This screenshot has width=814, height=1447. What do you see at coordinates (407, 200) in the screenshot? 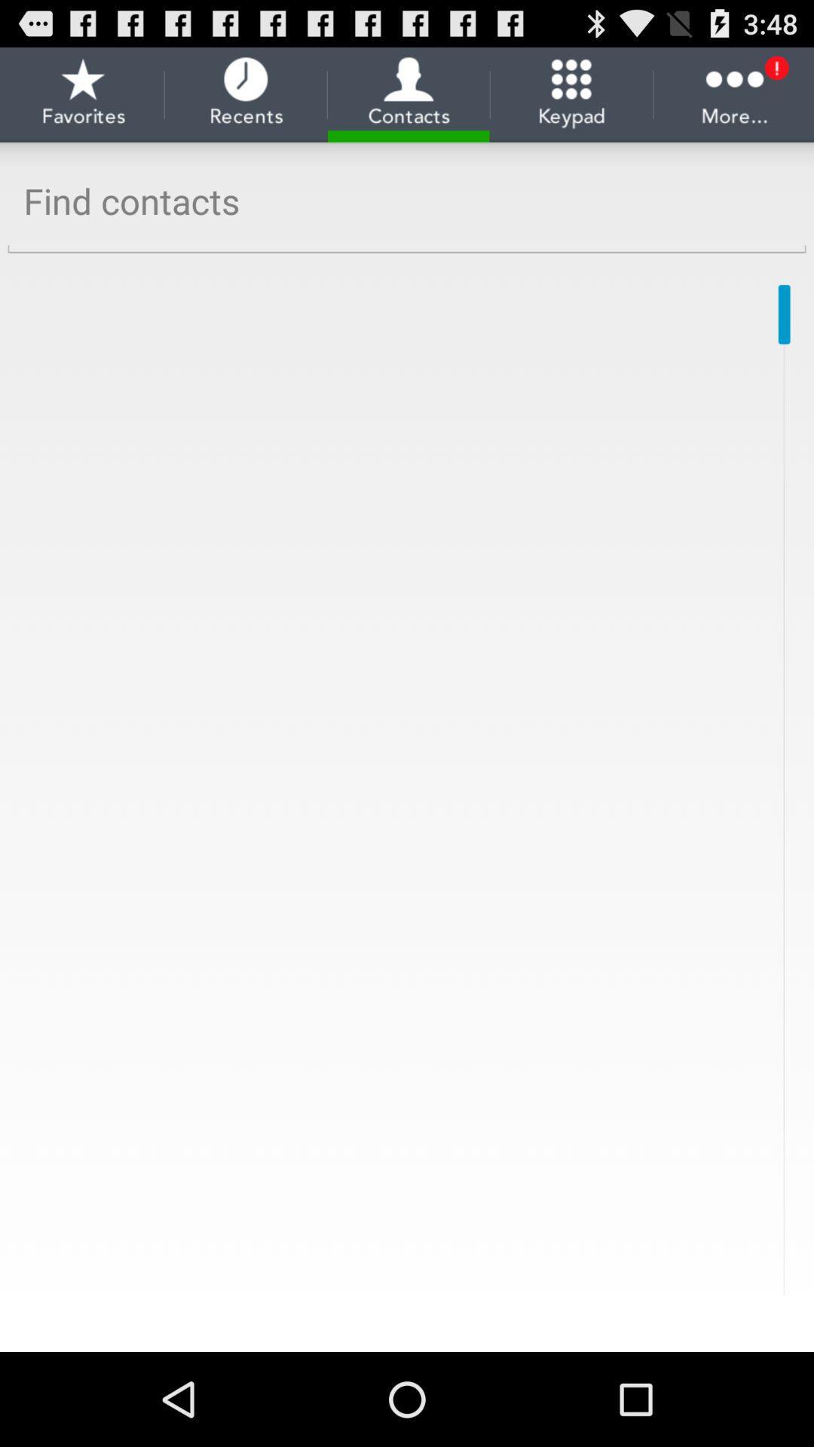
I see `find contacts` at bounding box center [407, 200].